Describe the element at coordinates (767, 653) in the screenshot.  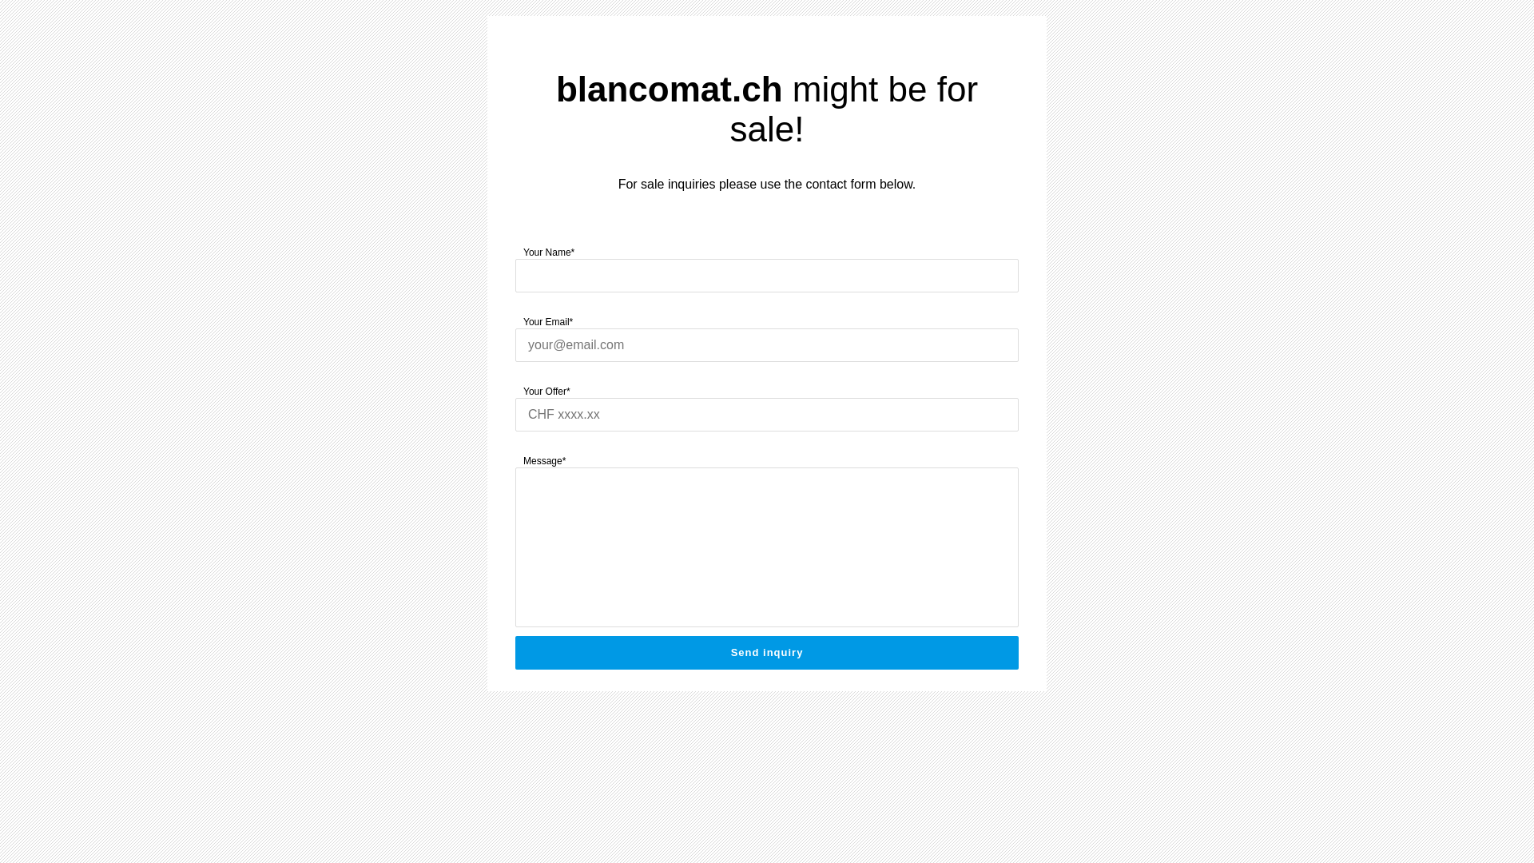
I see `'Send inquiry'` at that location.